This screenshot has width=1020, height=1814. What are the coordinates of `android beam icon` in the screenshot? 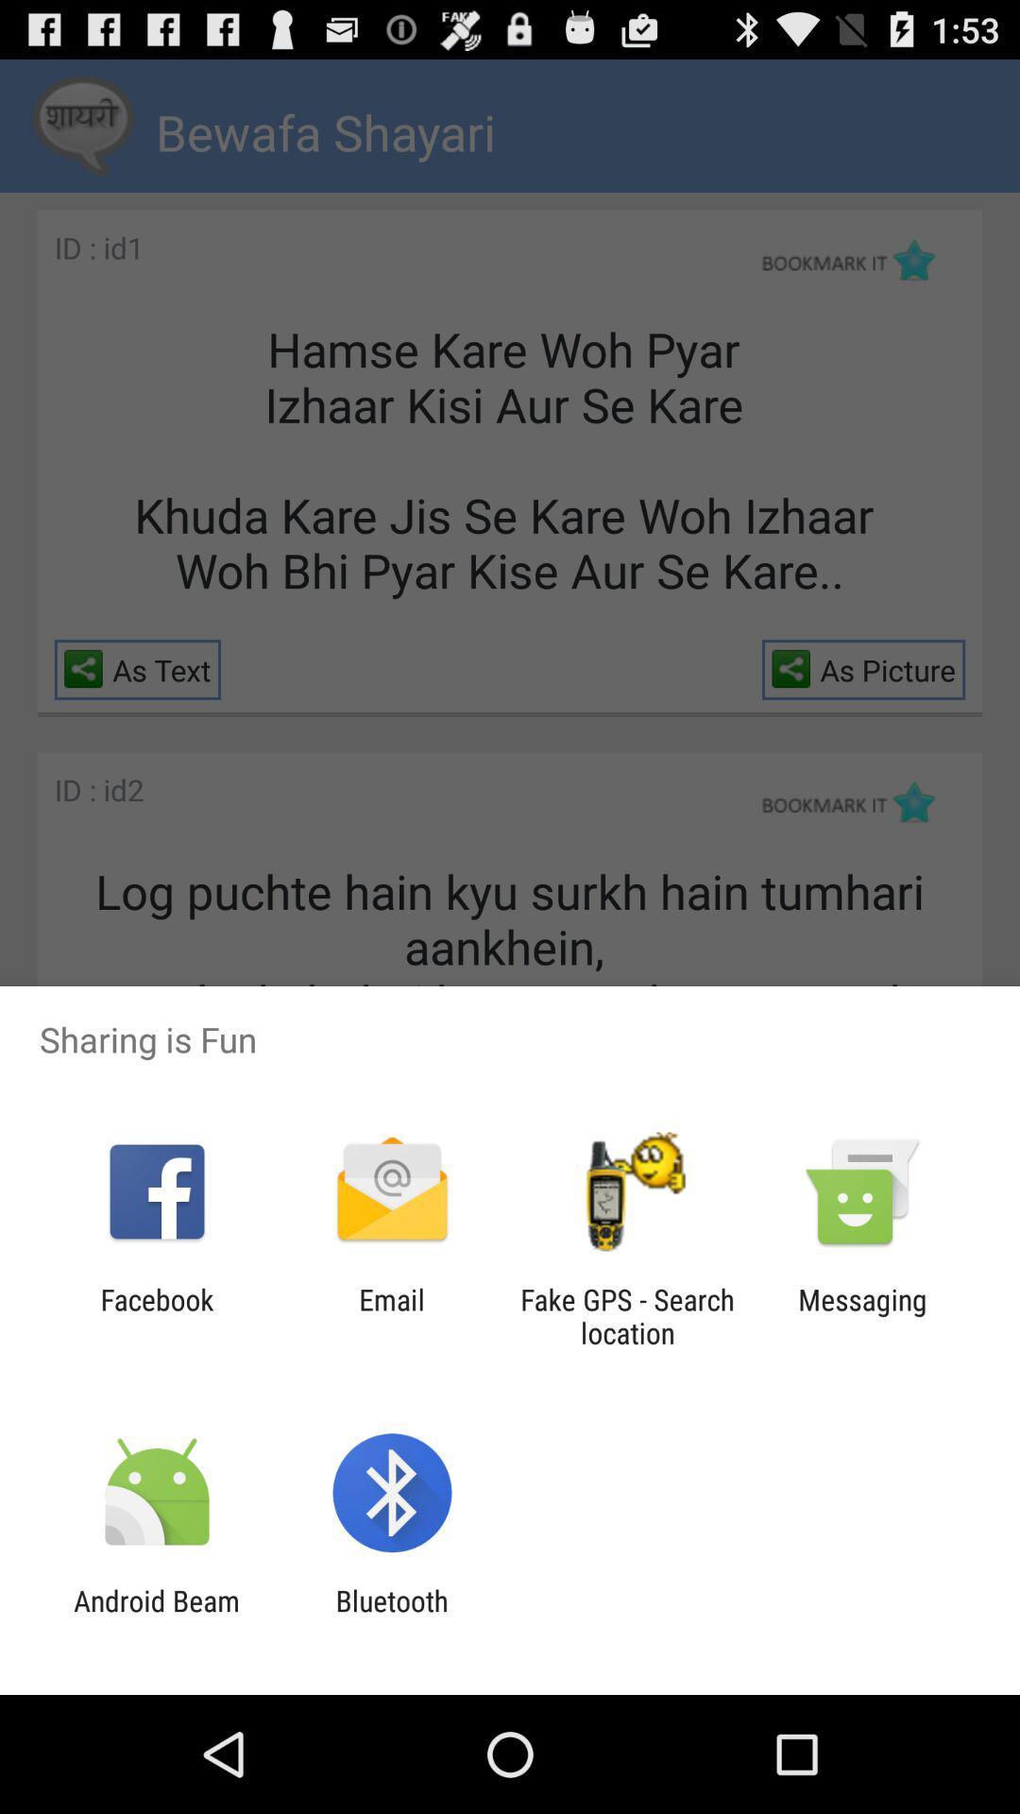 It's located at (156, 1617).